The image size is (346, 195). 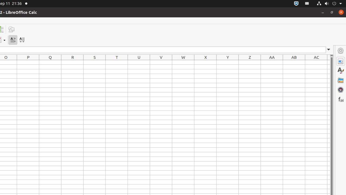 I want to click on 'V1', so click(x=161, y=62).